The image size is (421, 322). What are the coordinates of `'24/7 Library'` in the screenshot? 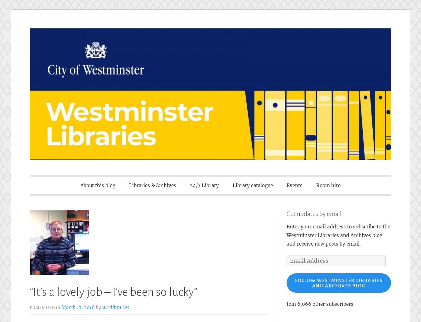 It's located at (204, 185).